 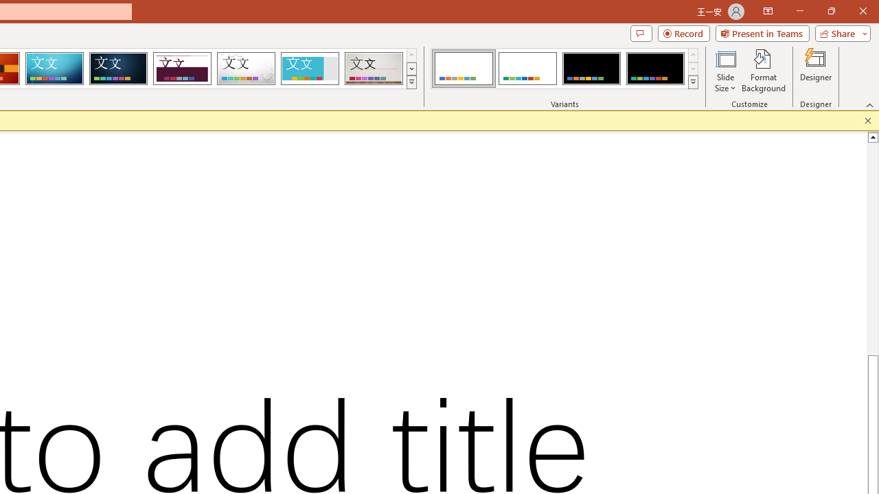 What do you see at coordinates (724, 71) in the screenshot?
I see `'Slide Size'` at bounding box center [724, 71].